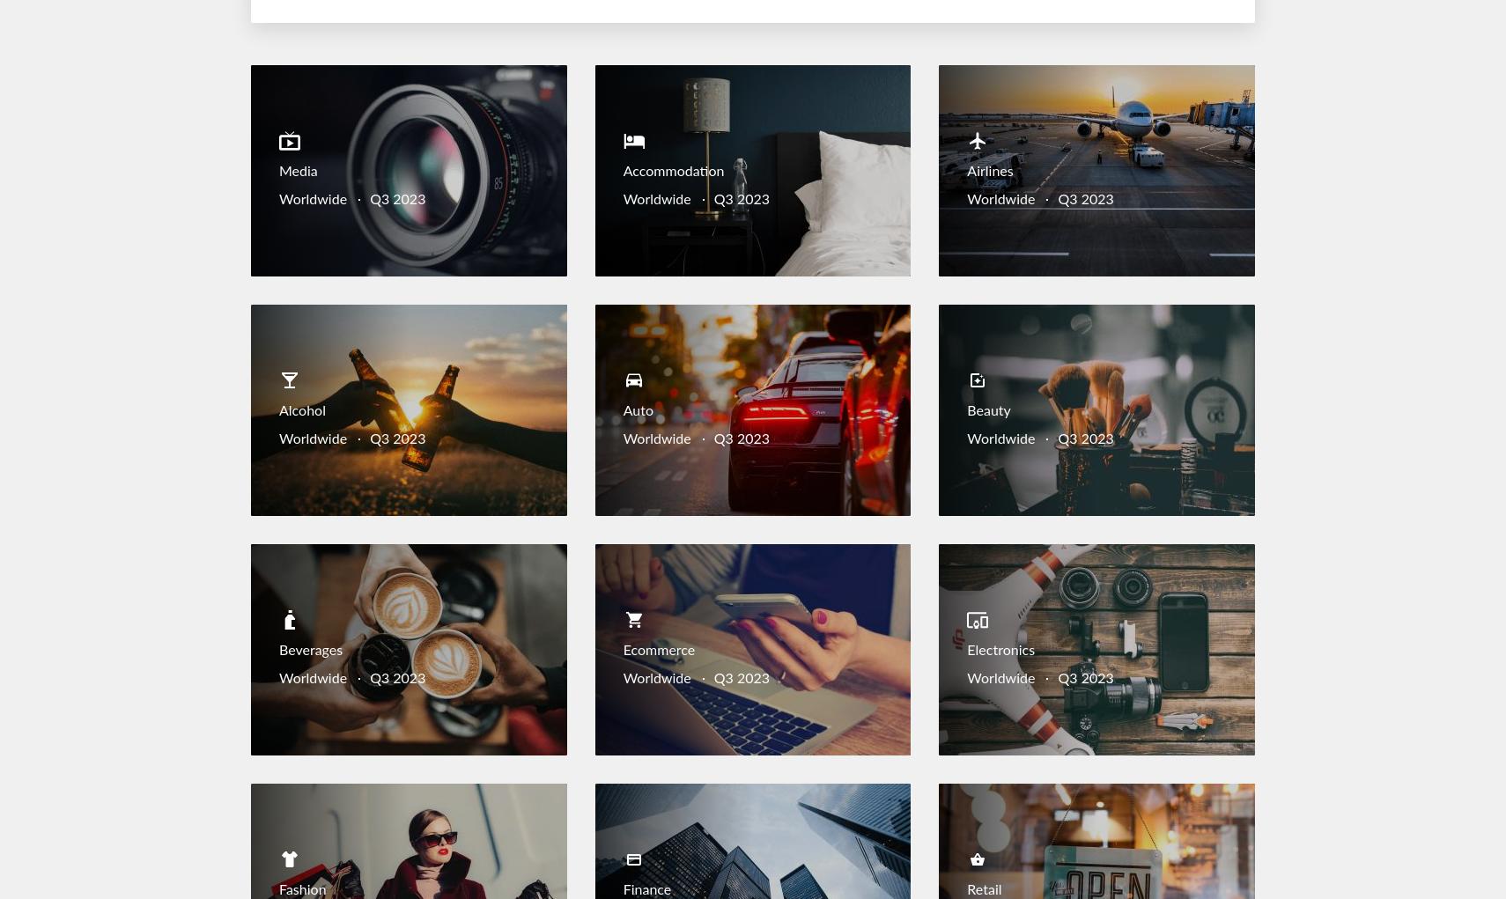 The height and width of the screenshot is (899, 1506). What do you see at coordinates (658, 649) in the screenshot?
I see `'Ecommerce'` at bounding box center [658, 649].